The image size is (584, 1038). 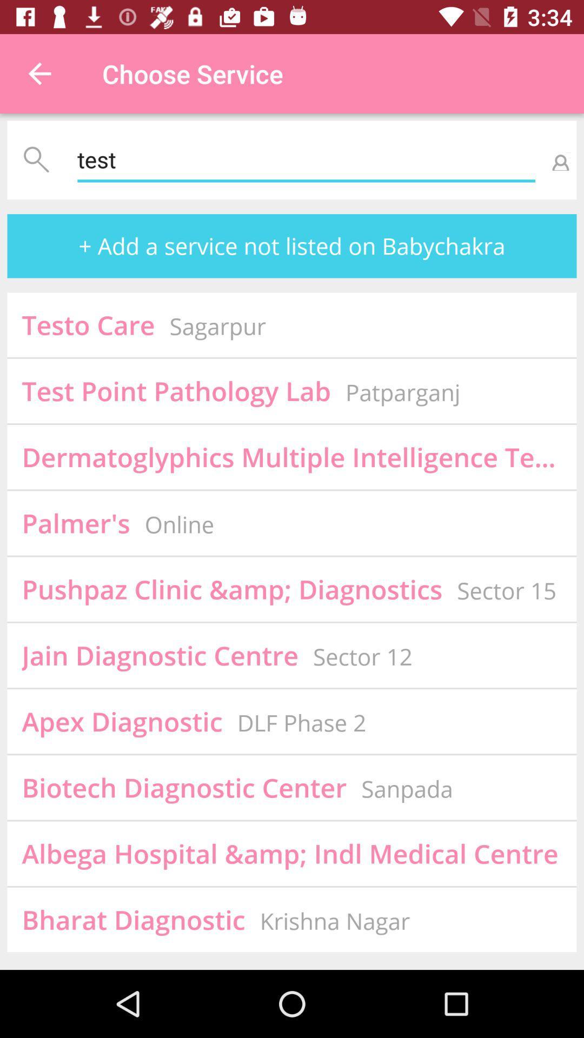 I want to click on the icon above dermatoglyphics multiple intelligence, so click(x=403, y=391).